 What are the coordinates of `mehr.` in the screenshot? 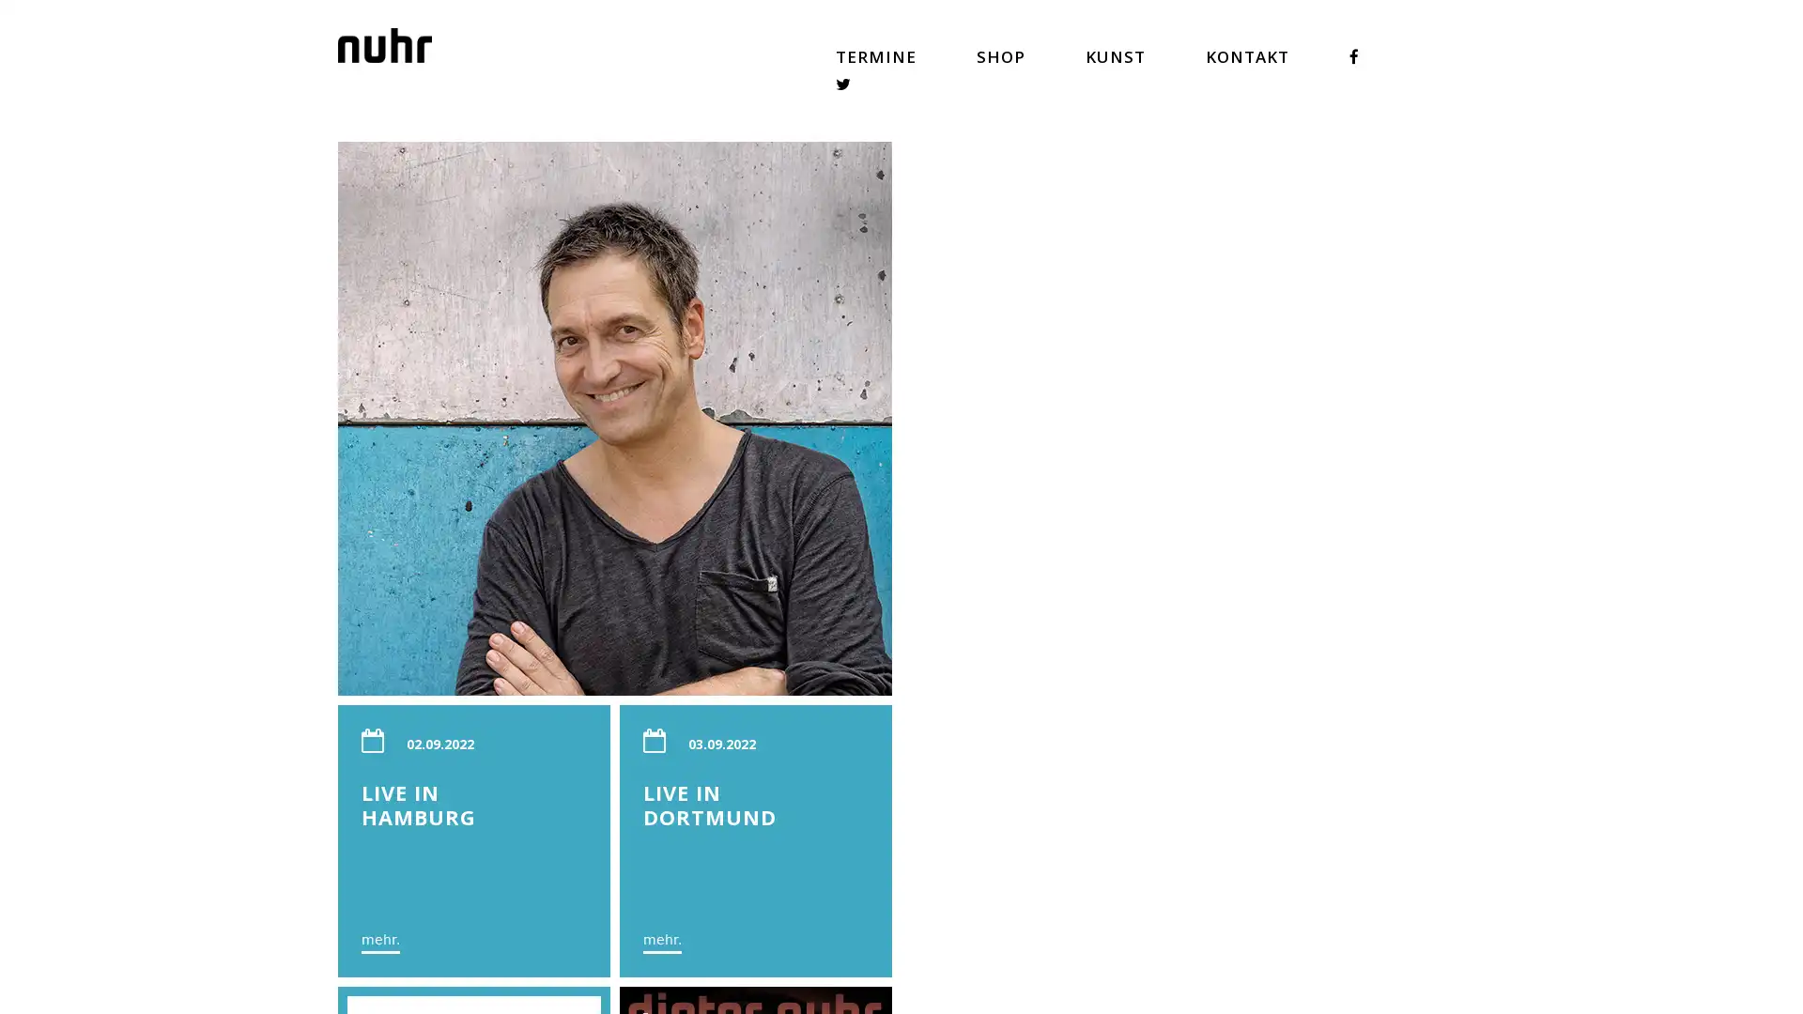 It's located at (944, 943).